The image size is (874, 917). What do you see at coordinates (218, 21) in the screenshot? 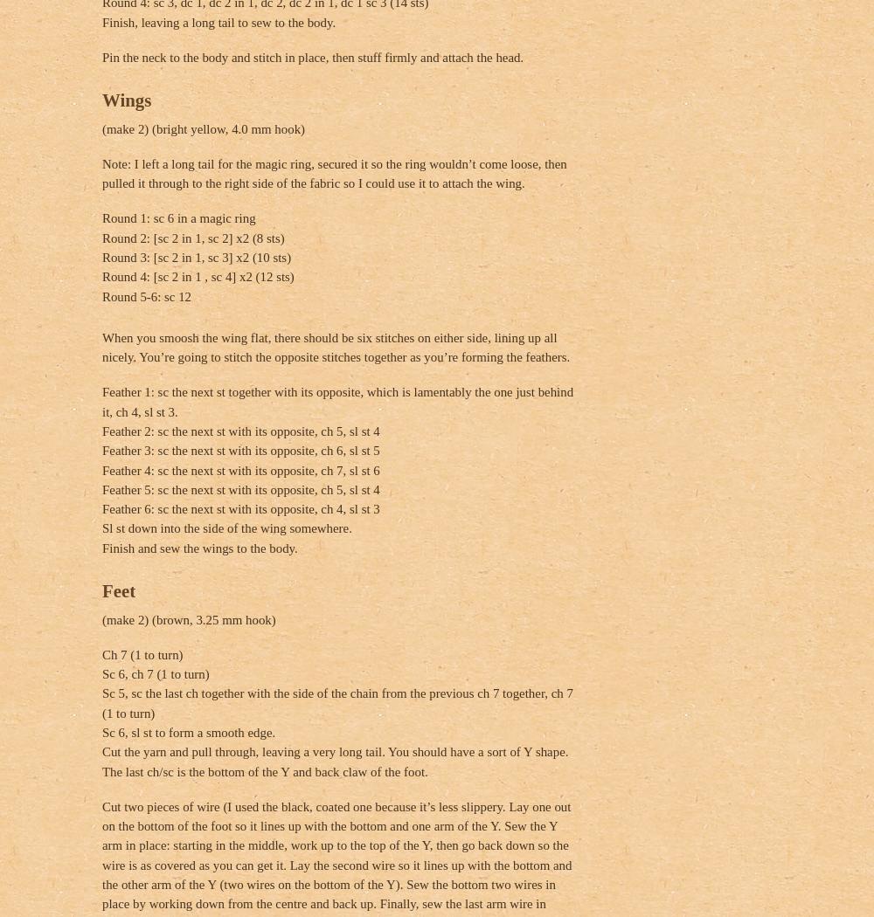
I see `'Finish, leaving a long tail to sew to the body.'` at bounding box center [218, 21].